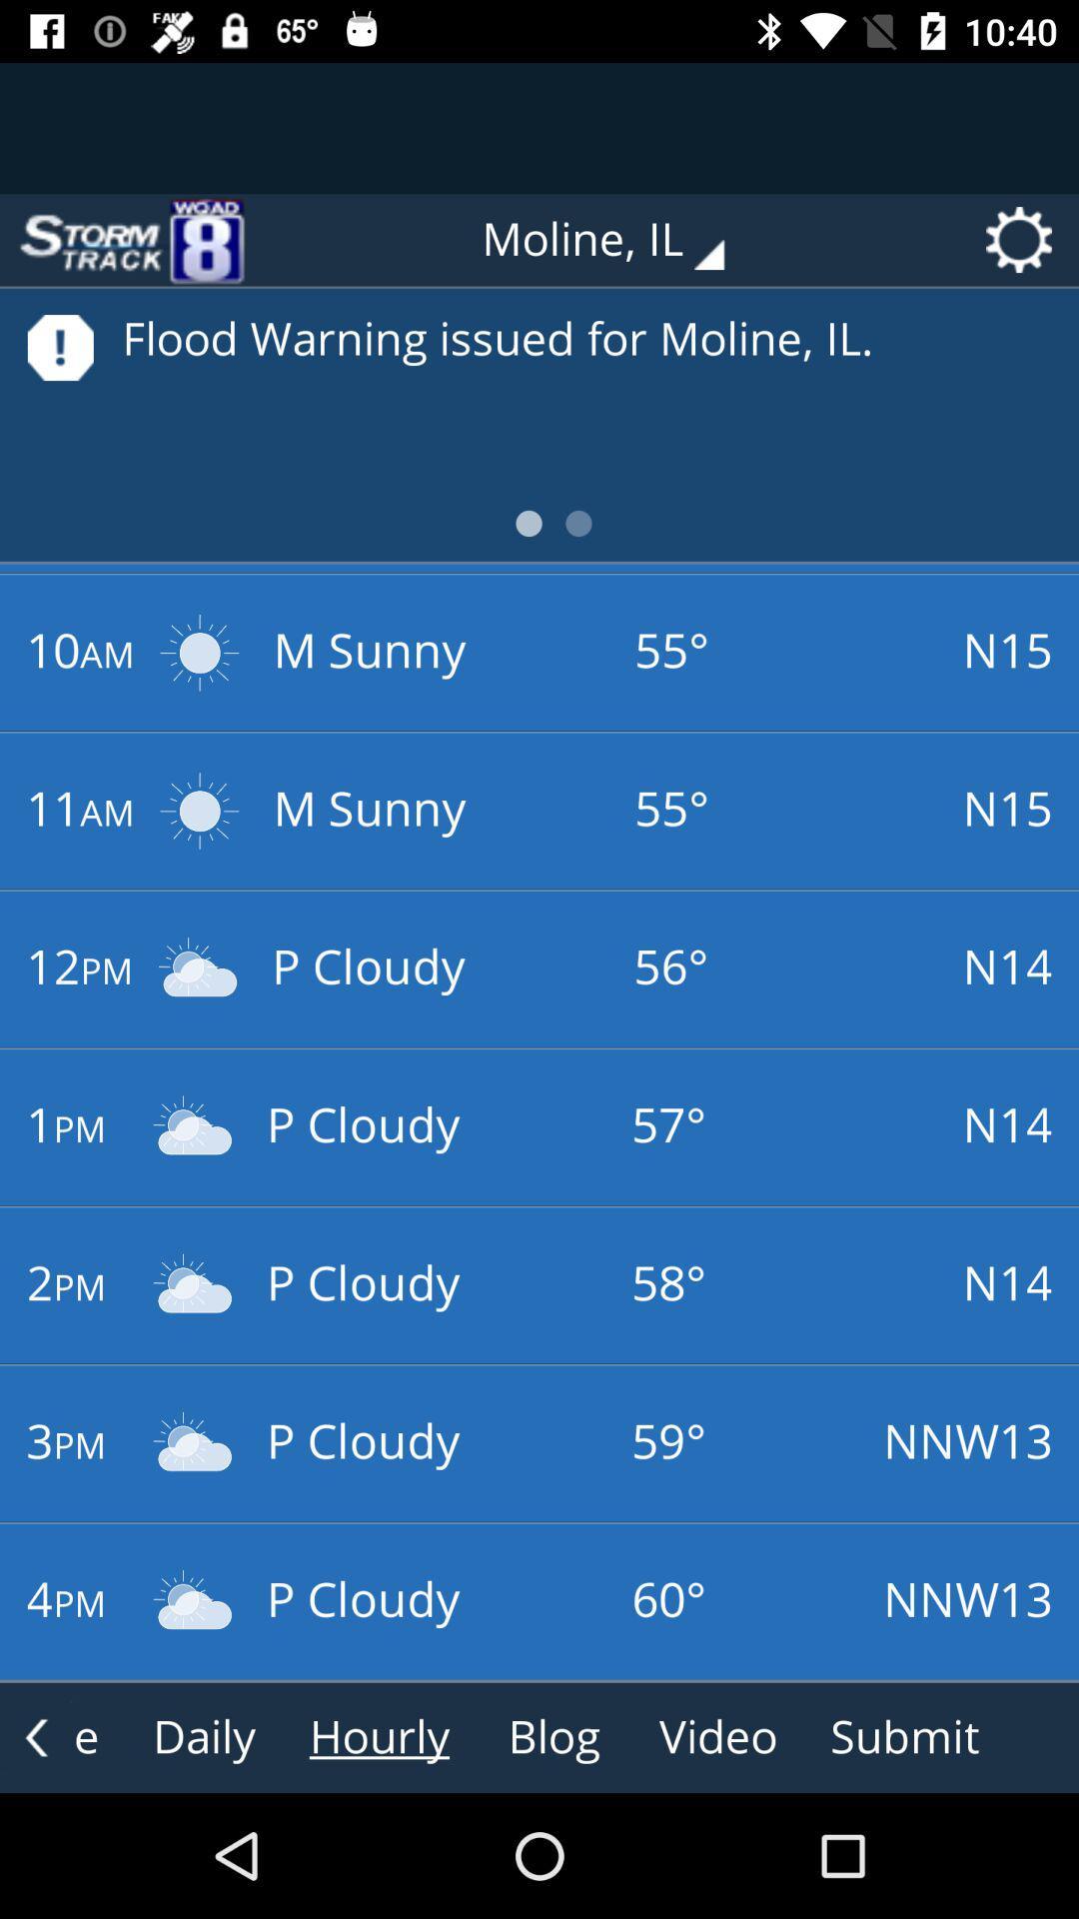 This screenshot has width=1079, height=1919. What do you see at coordinates (554, 1736) in the screenshot?
I see `the text right to hourly` at bounding box center [554, 1736].